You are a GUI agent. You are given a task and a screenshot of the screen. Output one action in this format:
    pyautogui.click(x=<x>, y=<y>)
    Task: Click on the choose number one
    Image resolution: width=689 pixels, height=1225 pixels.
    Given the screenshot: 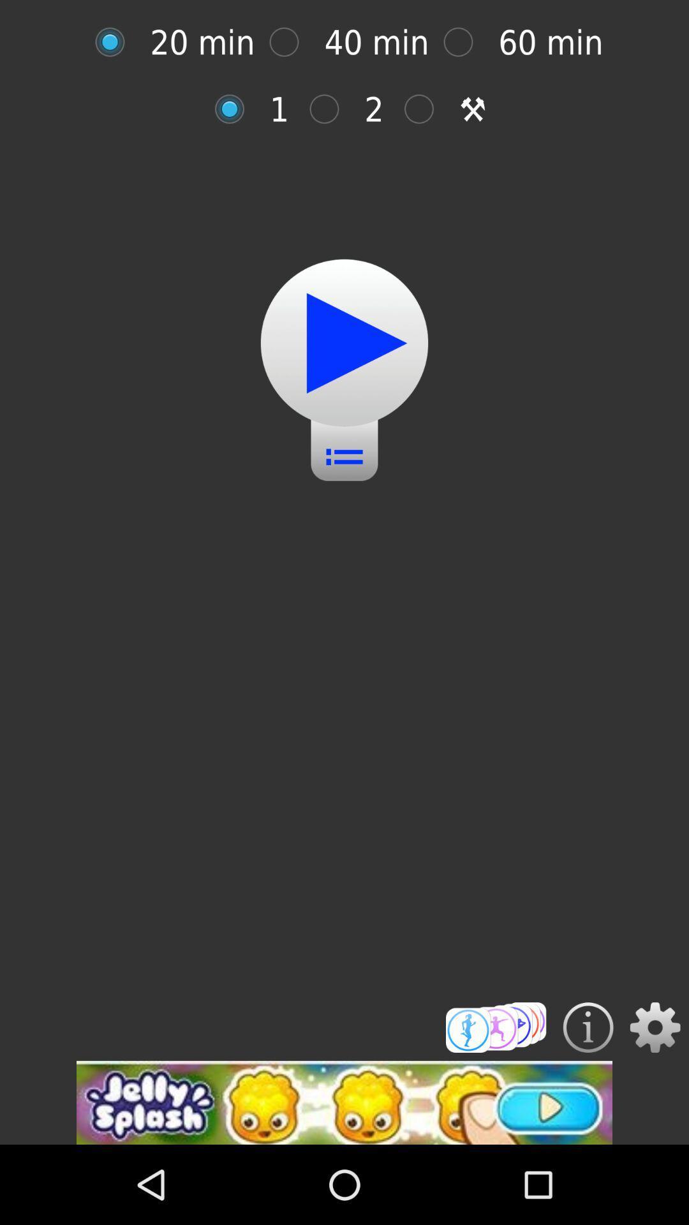 What is the action you would take?
    pyautogui.click(x=236, y=109)
    